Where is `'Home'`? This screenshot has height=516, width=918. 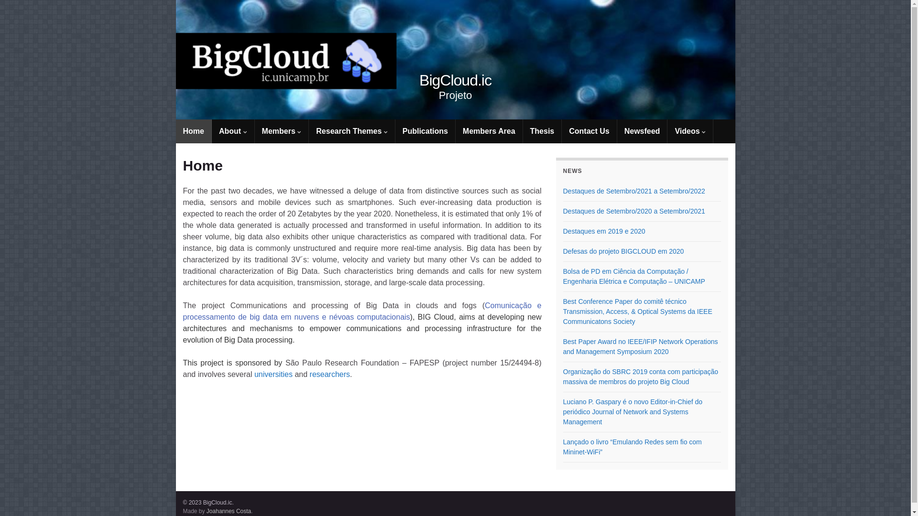
'Home' is located at coordinates (193, 131).